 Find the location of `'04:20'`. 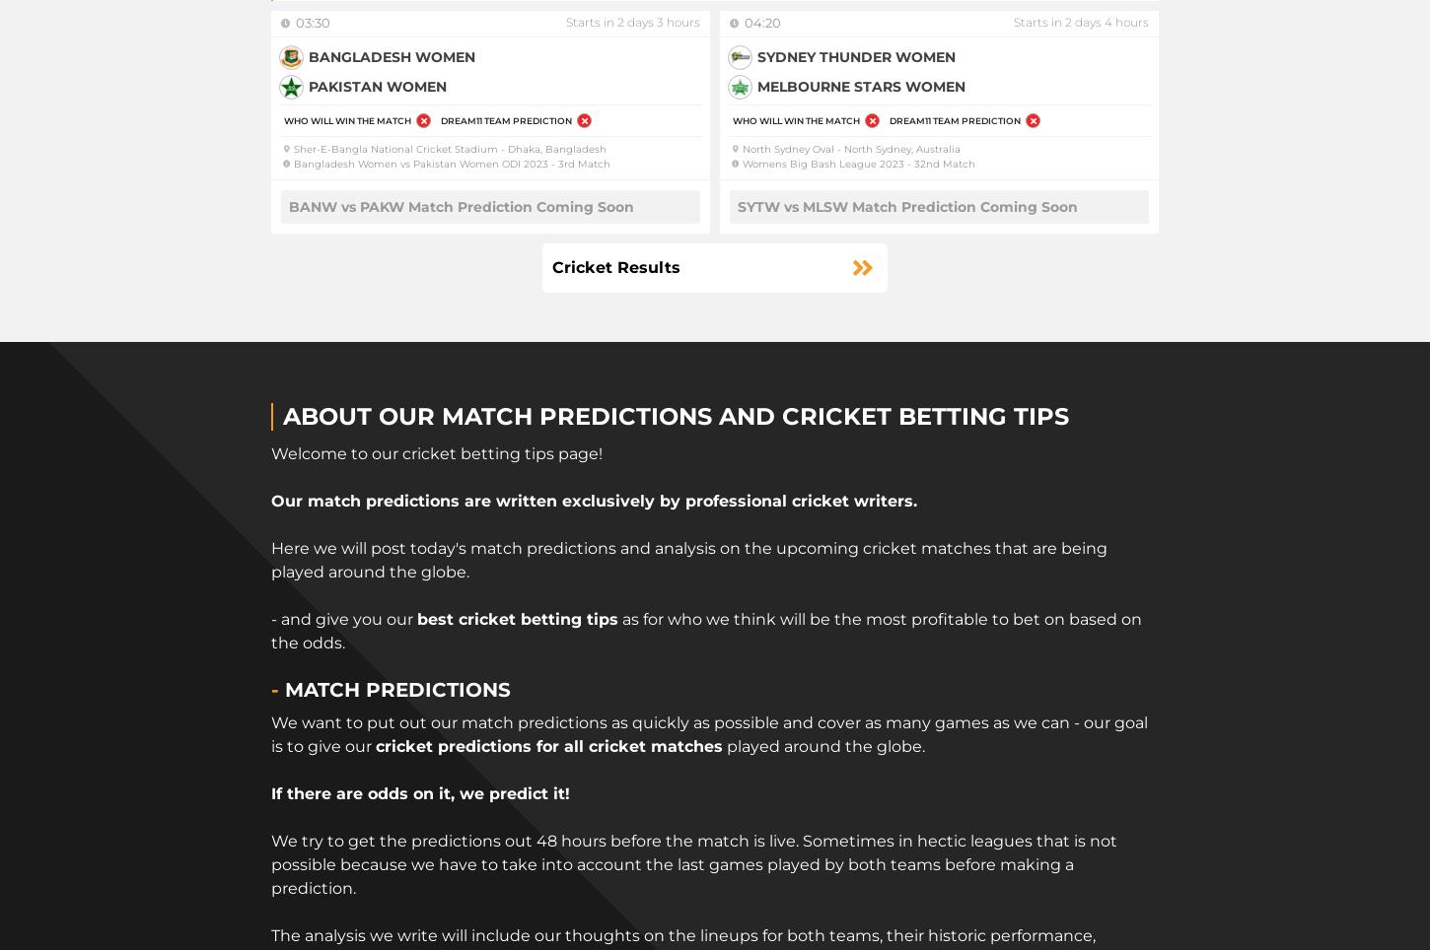

'04:20' is located at coordinates (762, 22).